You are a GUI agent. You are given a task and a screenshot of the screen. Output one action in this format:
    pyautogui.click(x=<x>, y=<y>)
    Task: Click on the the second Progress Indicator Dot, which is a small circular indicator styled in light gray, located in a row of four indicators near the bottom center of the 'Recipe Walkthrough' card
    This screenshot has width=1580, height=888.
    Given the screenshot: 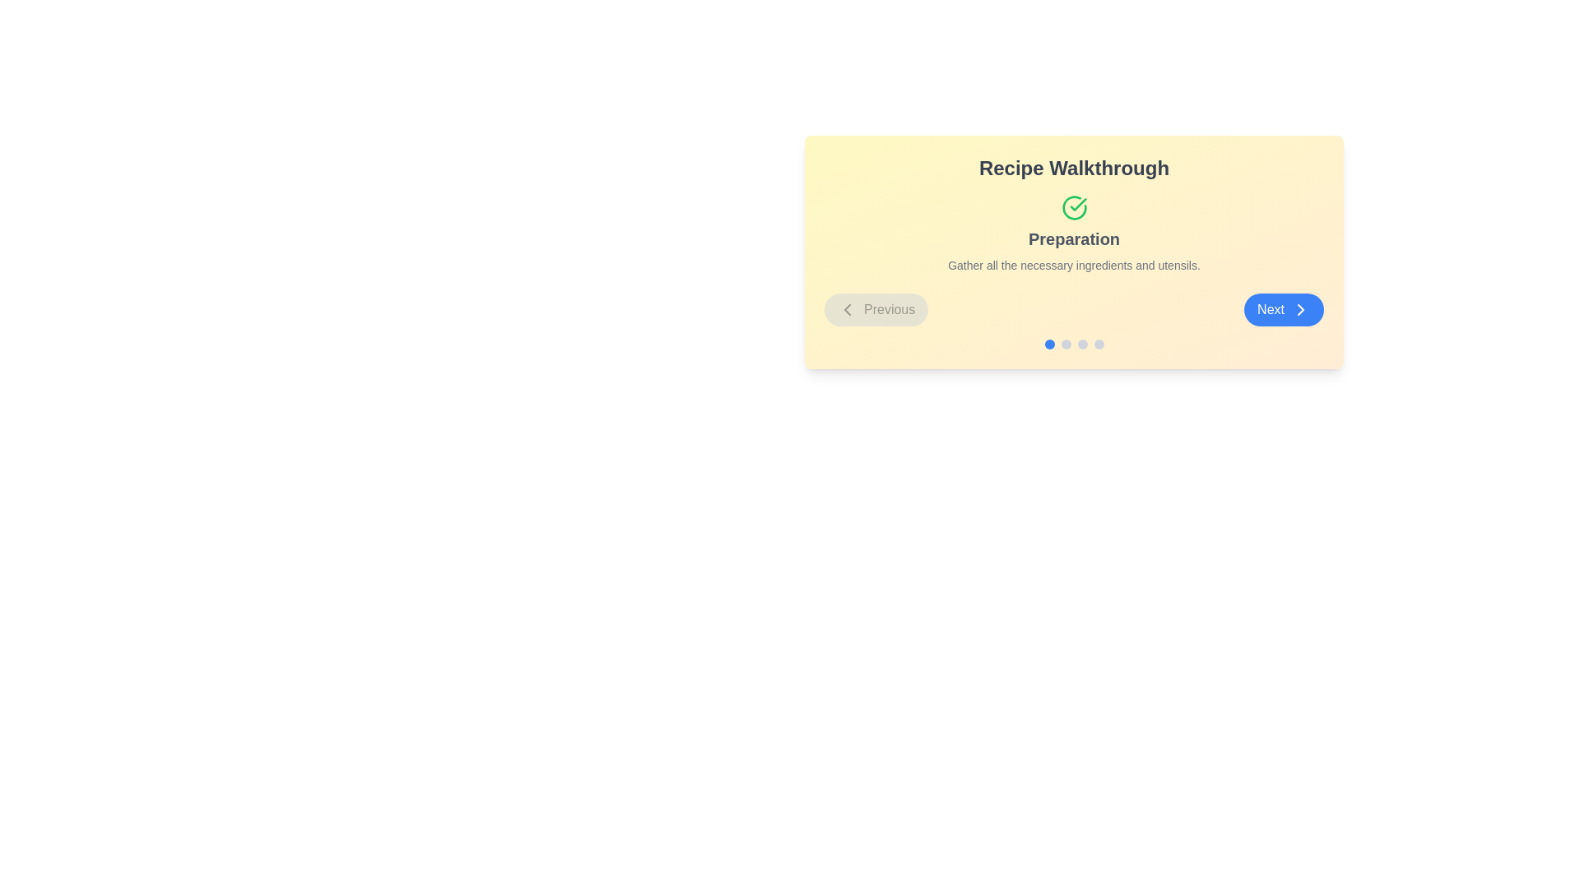 What is the action you would take?
    pyautogui.click(x=1066, y=344)
    